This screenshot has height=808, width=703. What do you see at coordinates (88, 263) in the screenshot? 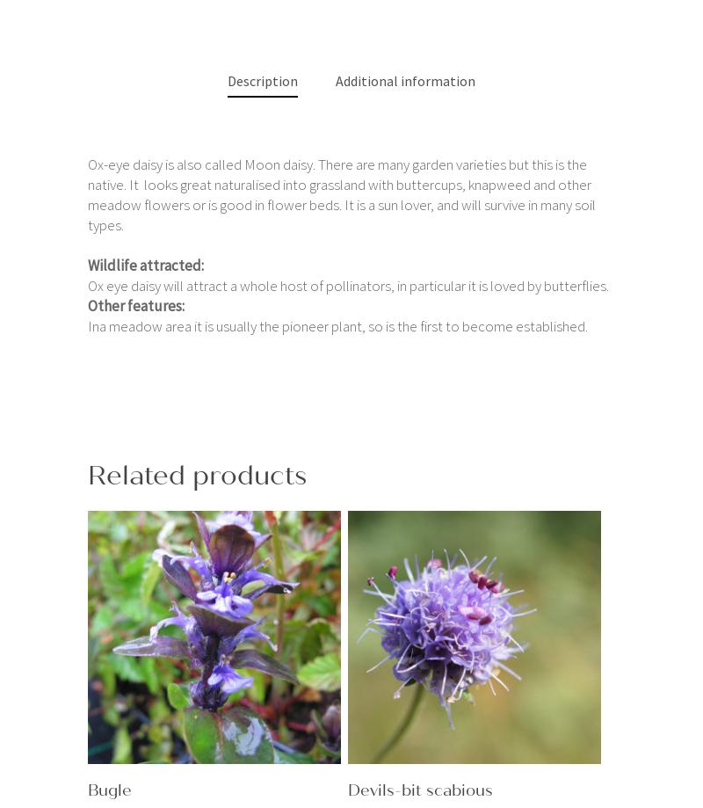
I see `'Wildlife attracted:'` at bounding box center [88, 263].